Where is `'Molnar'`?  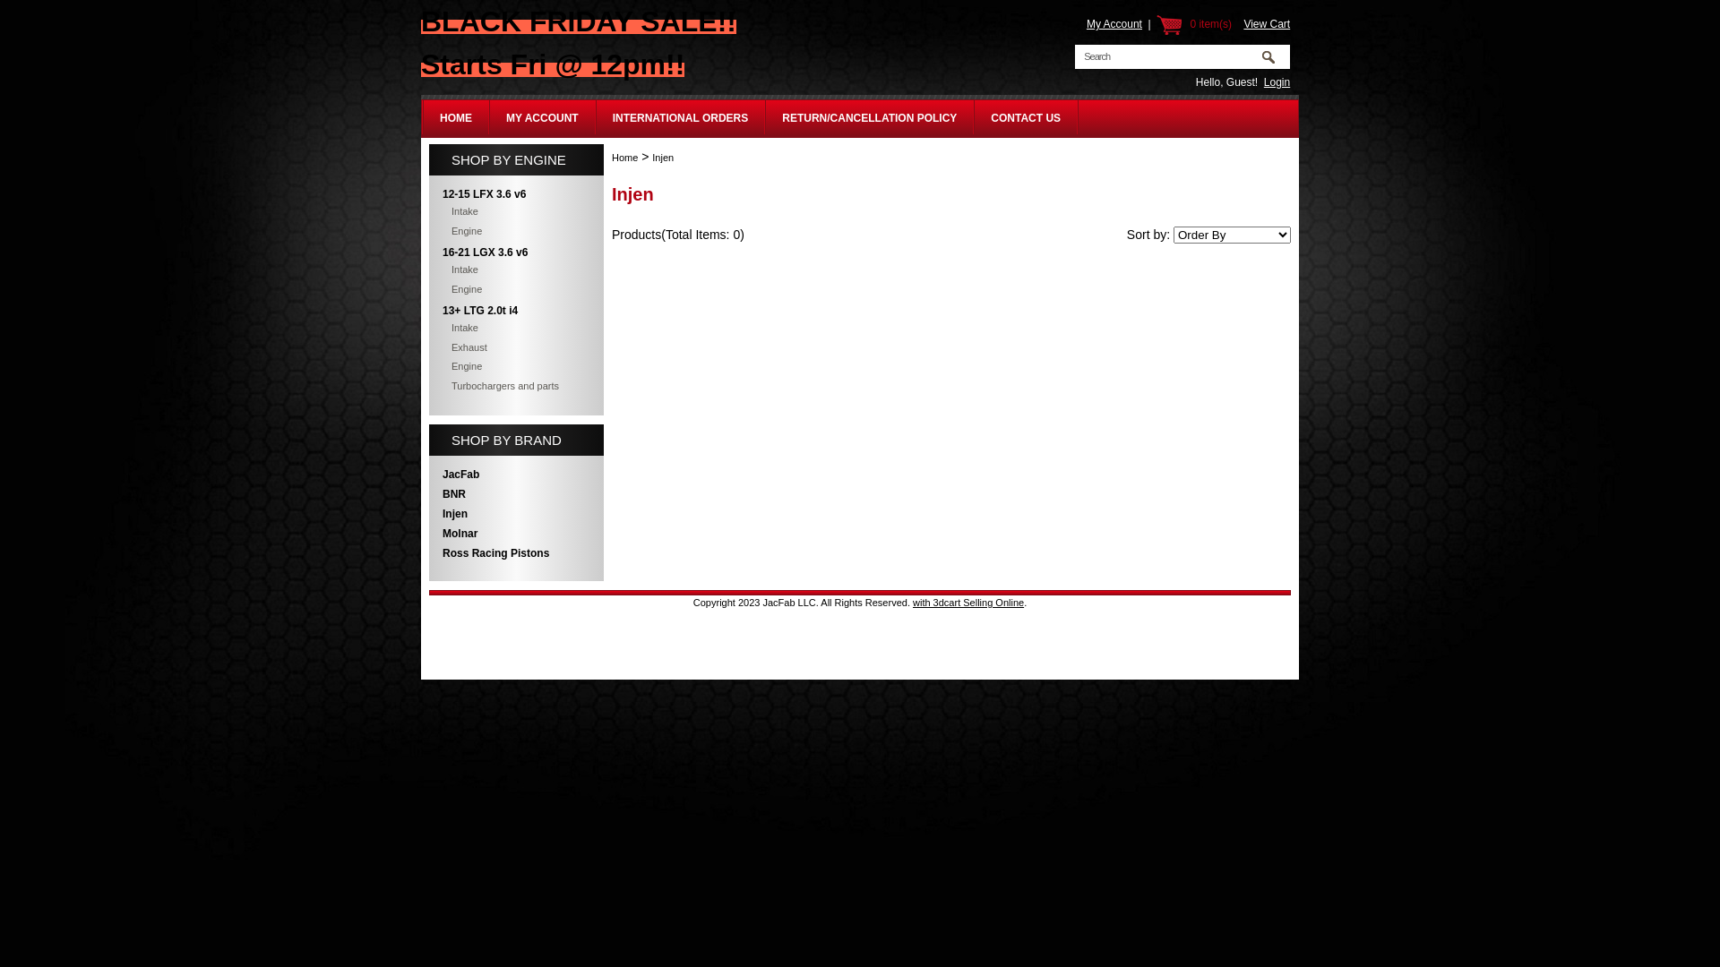
'Molnar' is located at coordinates (515, 533).